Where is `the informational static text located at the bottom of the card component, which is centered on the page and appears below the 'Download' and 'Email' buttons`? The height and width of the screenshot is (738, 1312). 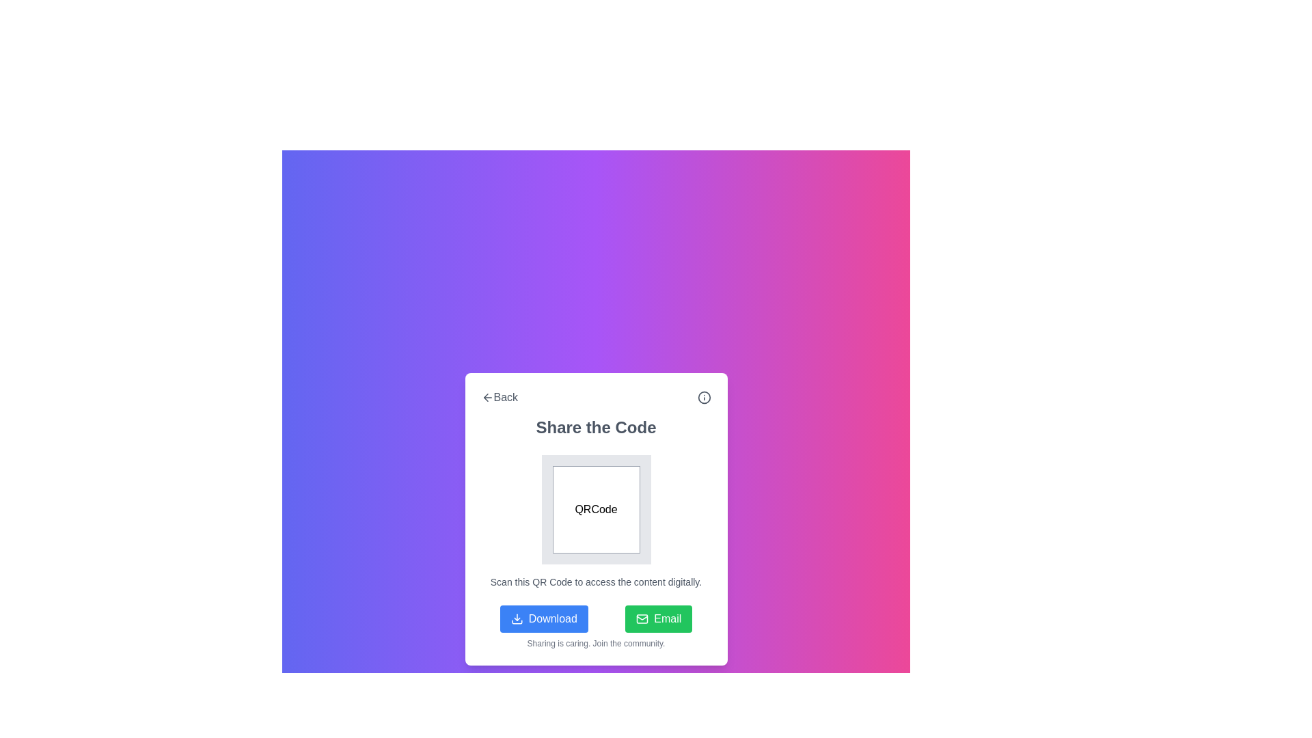
the informational static text located at the bottom of the card component, which is centered on the page and appears below the 'Download' and 'Email' buttons is located at coordinates (596, 643).